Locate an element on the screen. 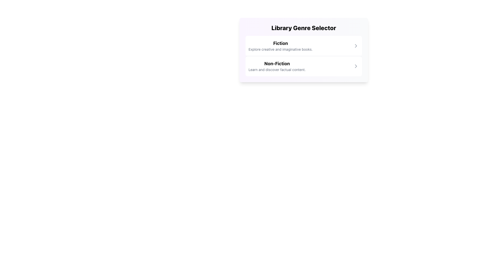 The height and width of the screenshot is (271, 482). the second selectable list item labeled for non-fiction books is located at coordinates (303, 66).